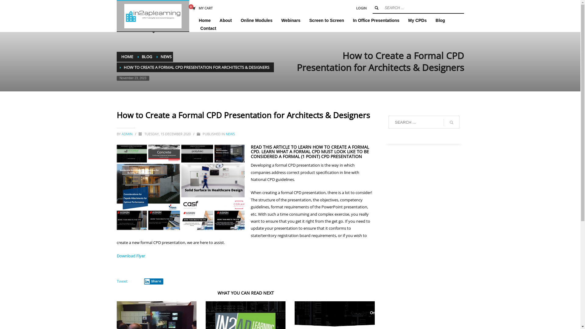 This screenshot has height=329, width=585. I want to click on 'Blog', so click(440, 20).